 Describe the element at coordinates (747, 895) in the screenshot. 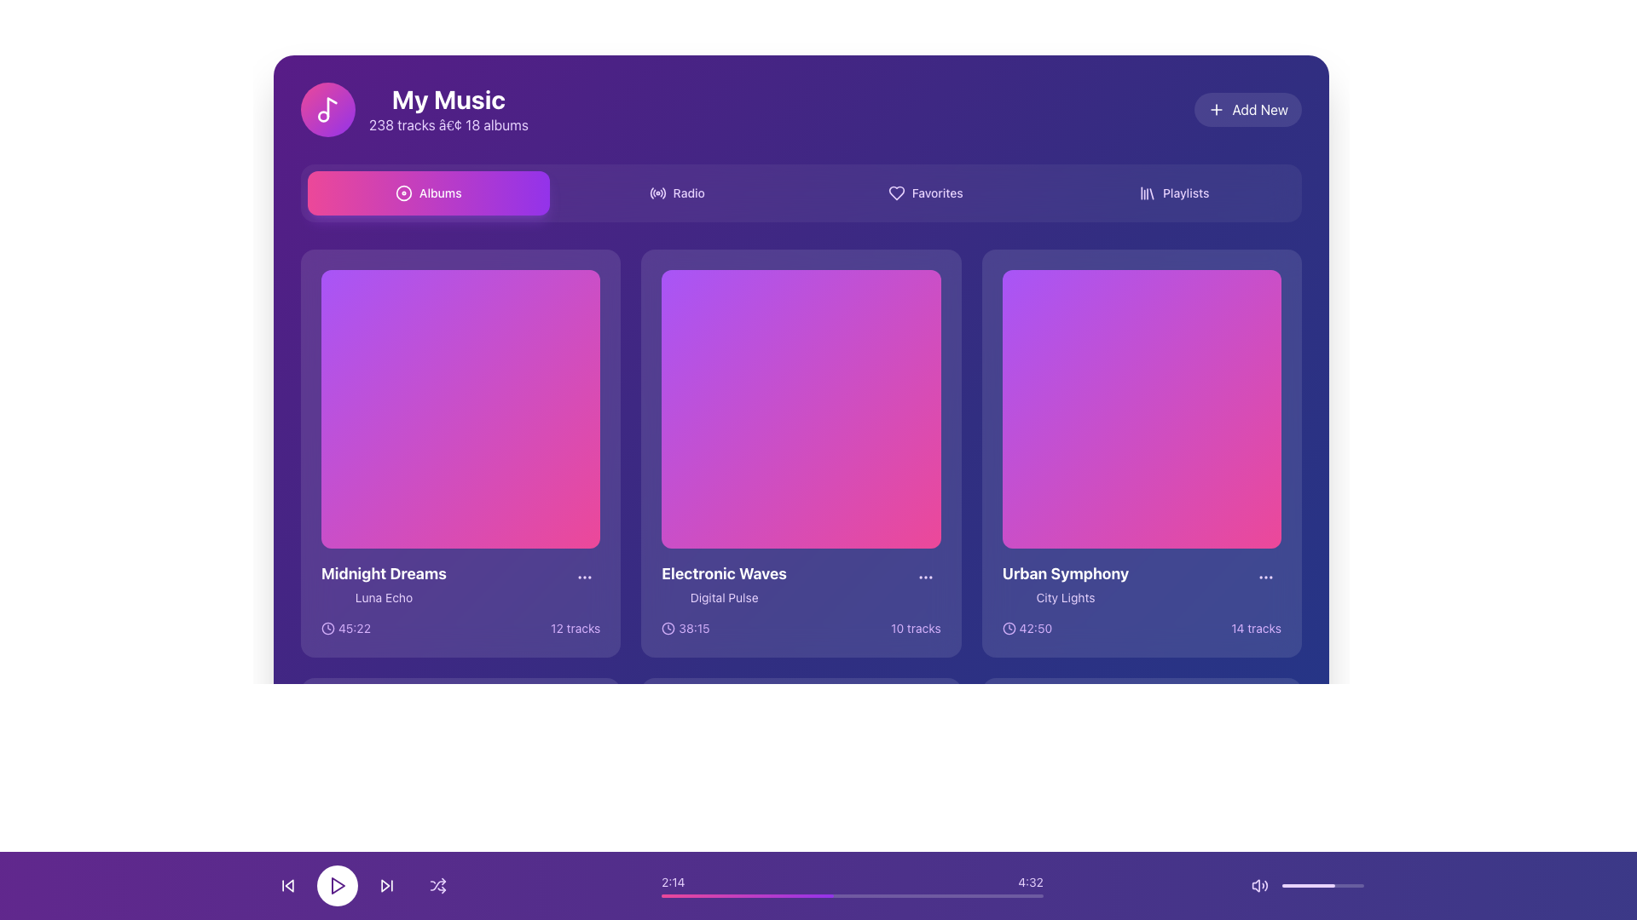

I see `the progress indication bar segment located at the bottom of the page to seek through the media content` at that location.